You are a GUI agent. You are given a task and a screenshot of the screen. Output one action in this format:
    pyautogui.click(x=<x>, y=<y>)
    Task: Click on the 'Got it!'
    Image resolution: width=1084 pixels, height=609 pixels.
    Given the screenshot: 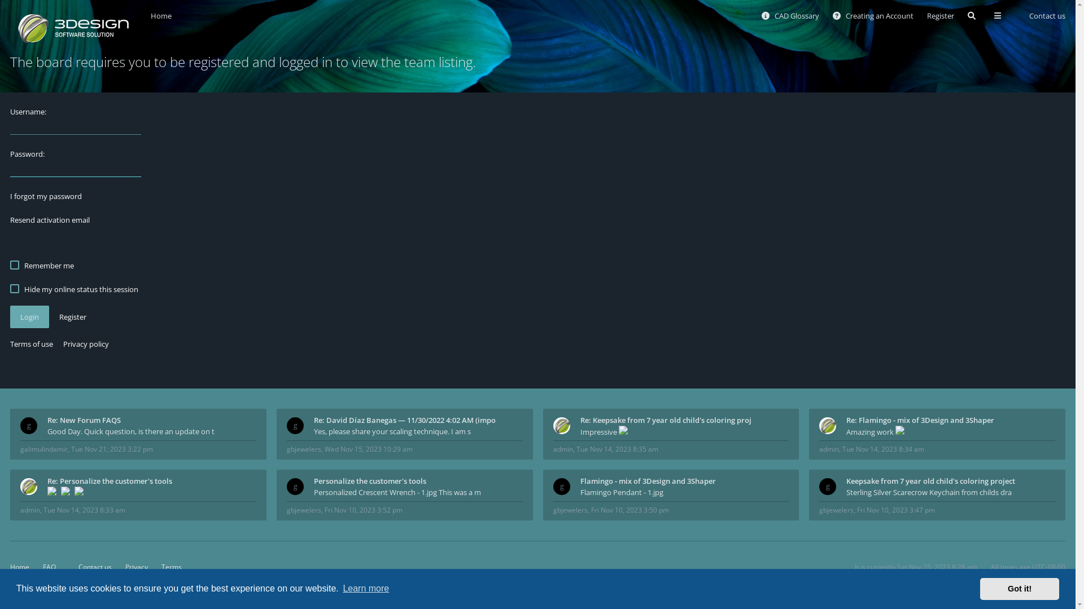 What is the action you would take?
    pyautogui.click(x=980, y=588)
    